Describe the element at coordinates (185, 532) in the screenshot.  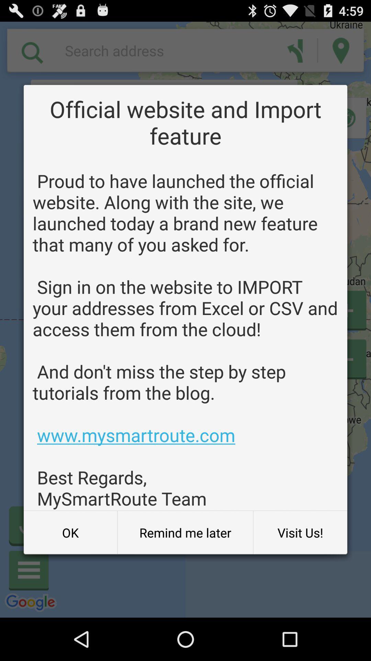
I see `the remind me later button` at that location.